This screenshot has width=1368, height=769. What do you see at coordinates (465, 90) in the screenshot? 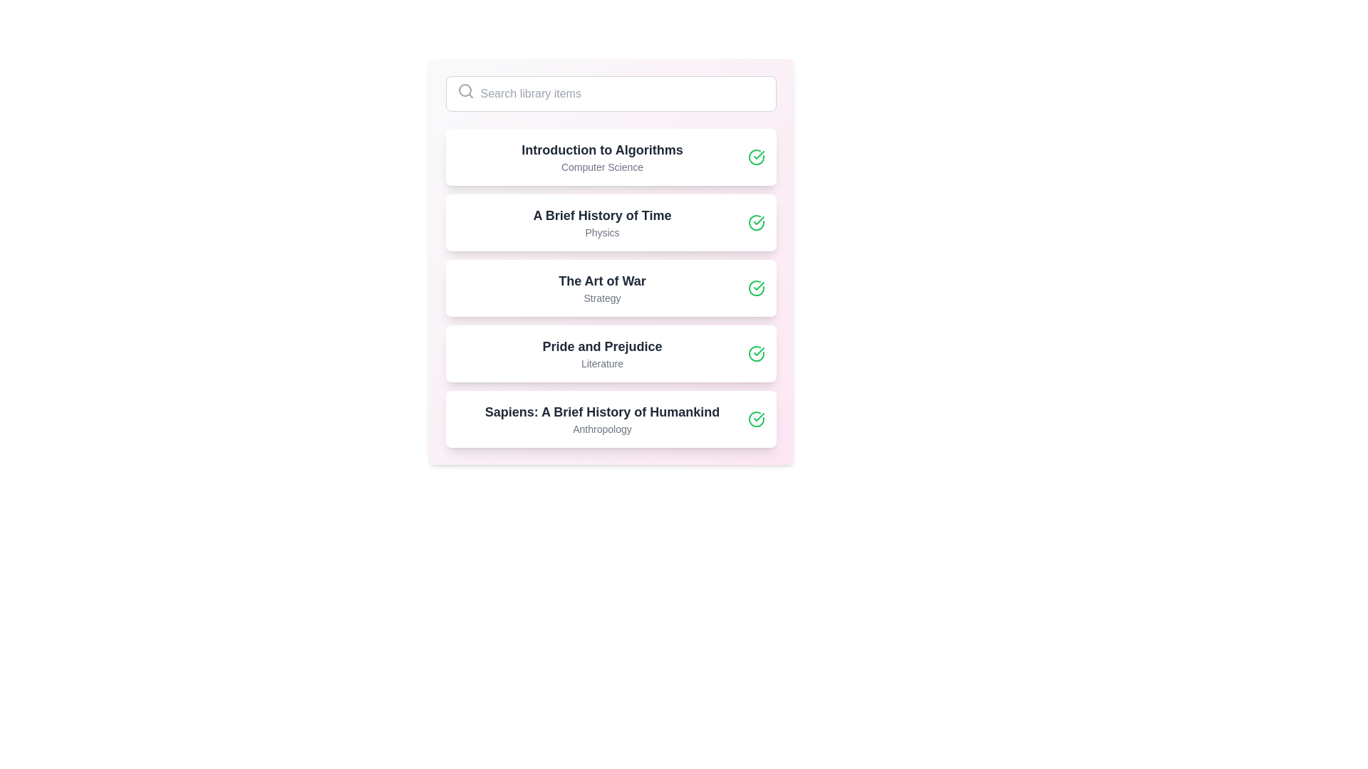
I see `the search icon represented by an SVG circle located in the upper-left corner of the interface, adjacent to the 'Search library items' input field` at bounding box center [465, 90].